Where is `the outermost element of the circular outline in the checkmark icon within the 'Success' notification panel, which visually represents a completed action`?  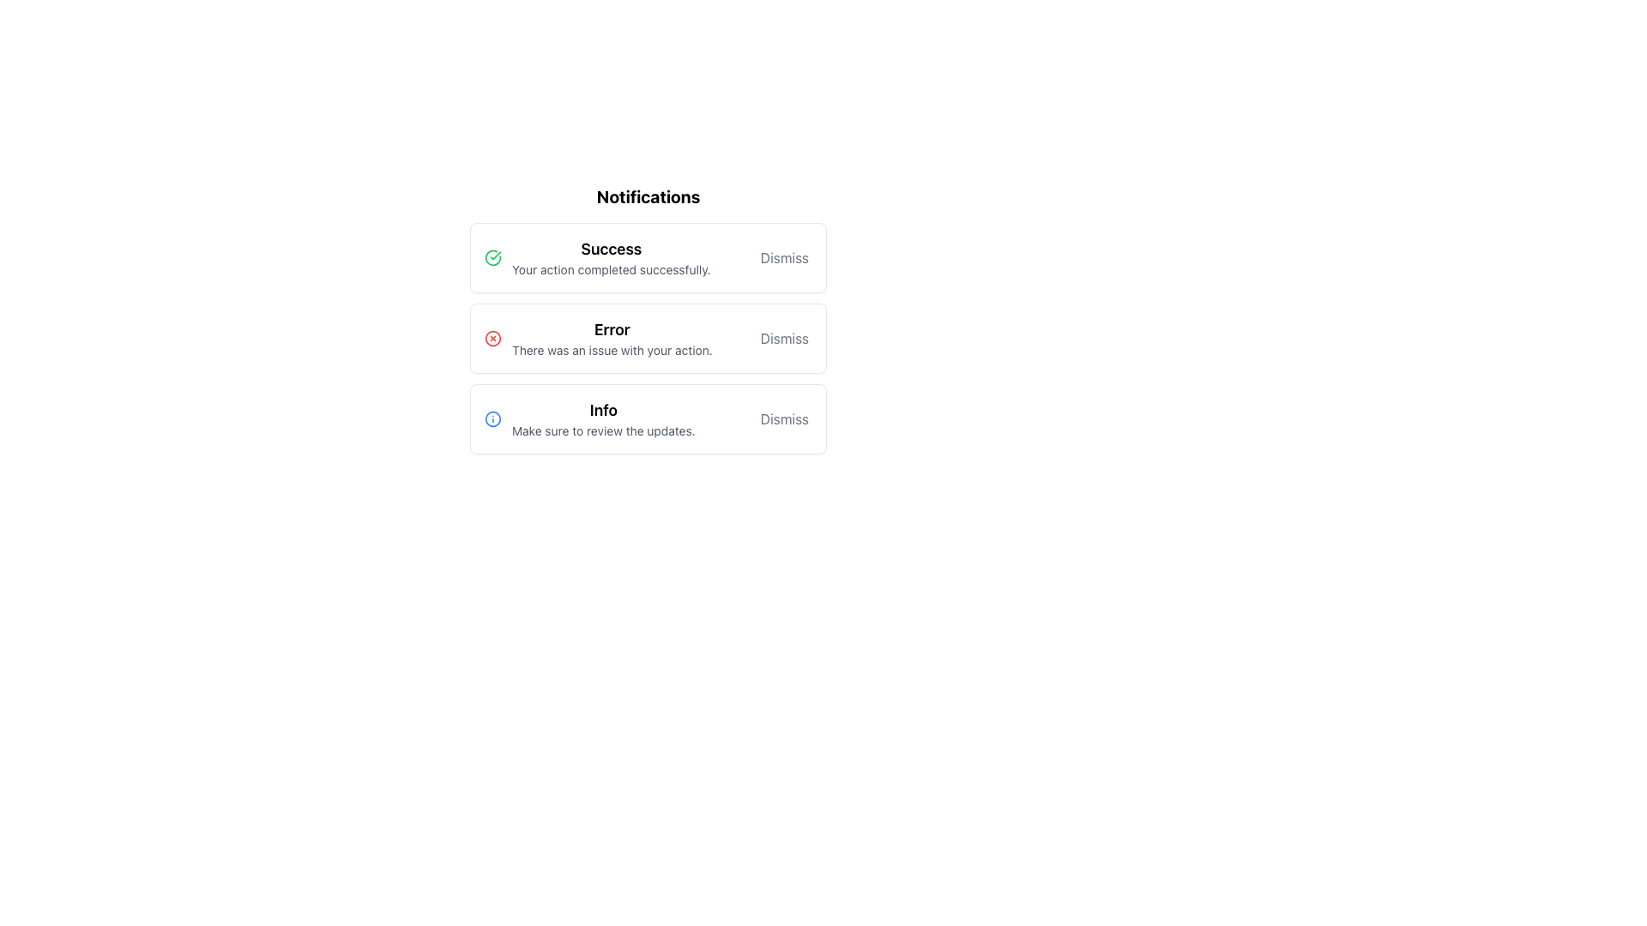
the outermost element of the circular outline in the checkmark icon within the 'Success' notification panel, which visually represents a completed action is located at coordinates (492, 257).